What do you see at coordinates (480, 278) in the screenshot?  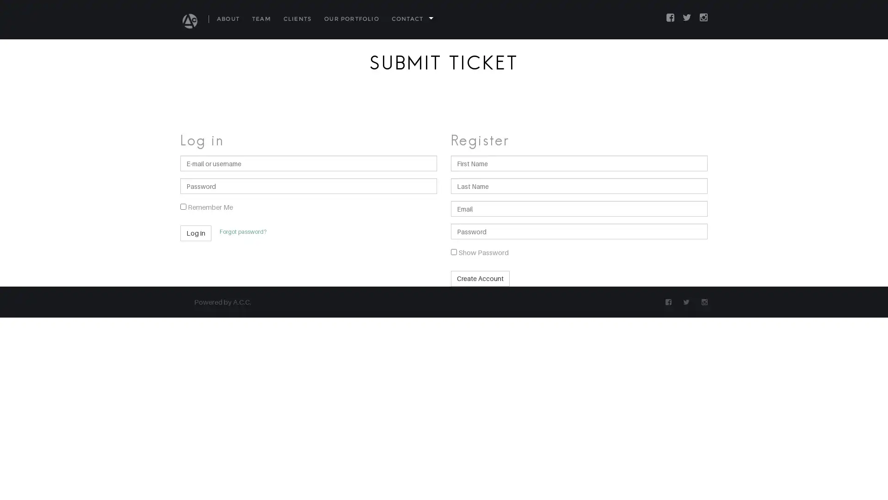 I see `Create Account` at bounding box center [480, 278].